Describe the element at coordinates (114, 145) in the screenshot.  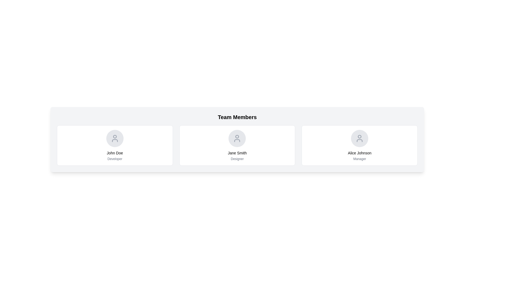
I see `the first Profile Card in the row of three under the 'Team Members' heading, which displays a team member's name and role` at that location.